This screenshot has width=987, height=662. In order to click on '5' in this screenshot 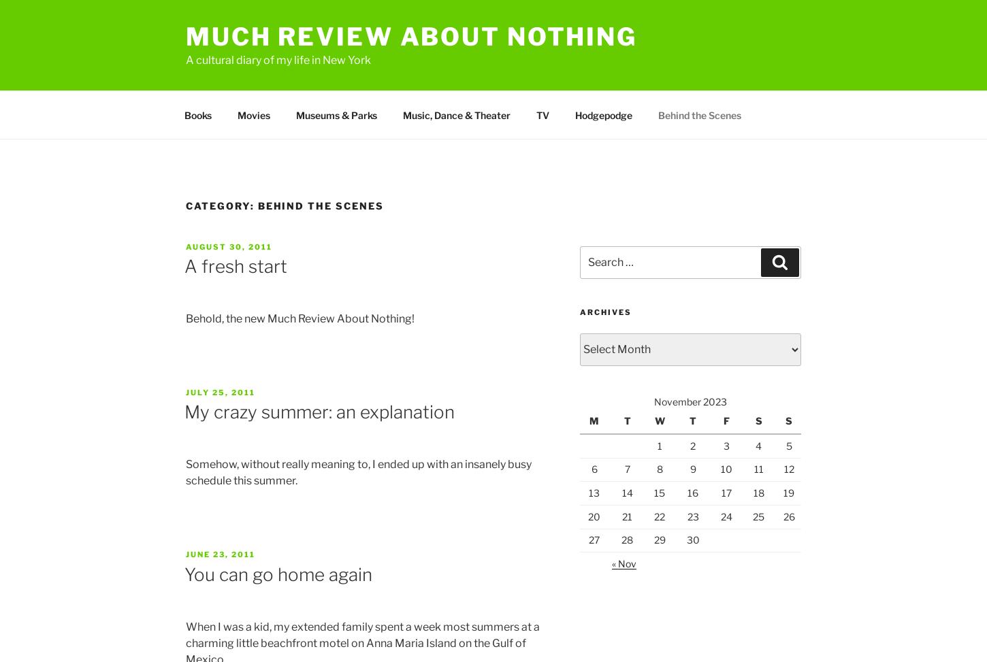, I will do `click(788, 444)`.